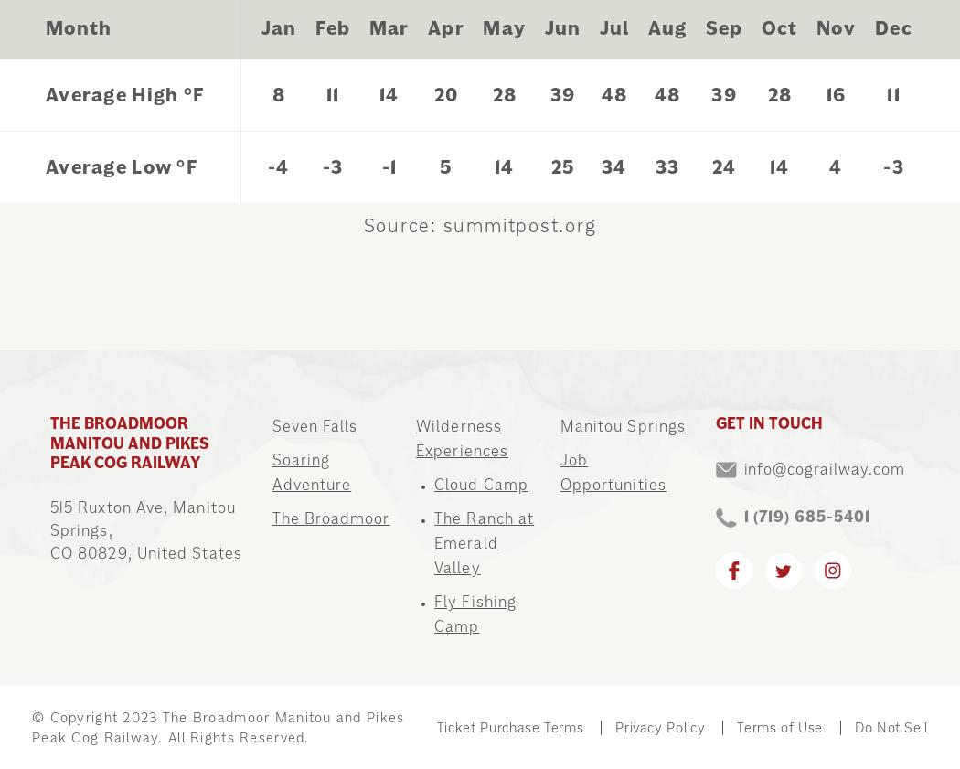  Describe the element at coordinates (549, 166) in the screenshot. I see `'25'` at that location.